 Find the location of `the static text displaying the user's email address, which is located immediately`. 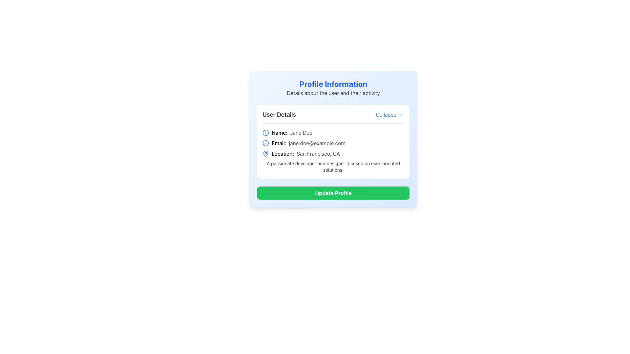

the static text displaying the user's email address, which is located immediately is located at coordinates (317, 143).